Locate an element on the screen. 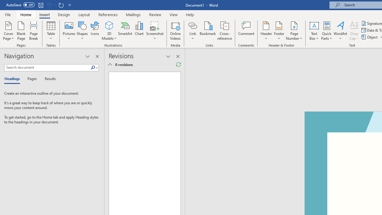  'Shapes' is located at coordinates (82, 31).